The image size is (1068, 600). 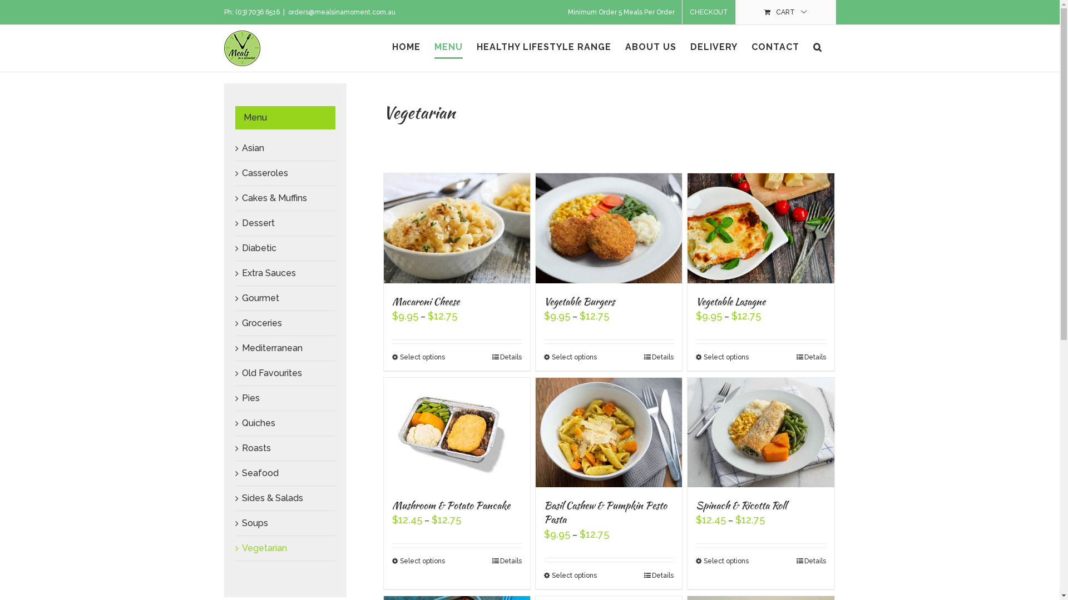 What do you see at coordinates (708, 12) in the screenshot?
I see `'CHECKOUT'` at bounding box center [708, 12].